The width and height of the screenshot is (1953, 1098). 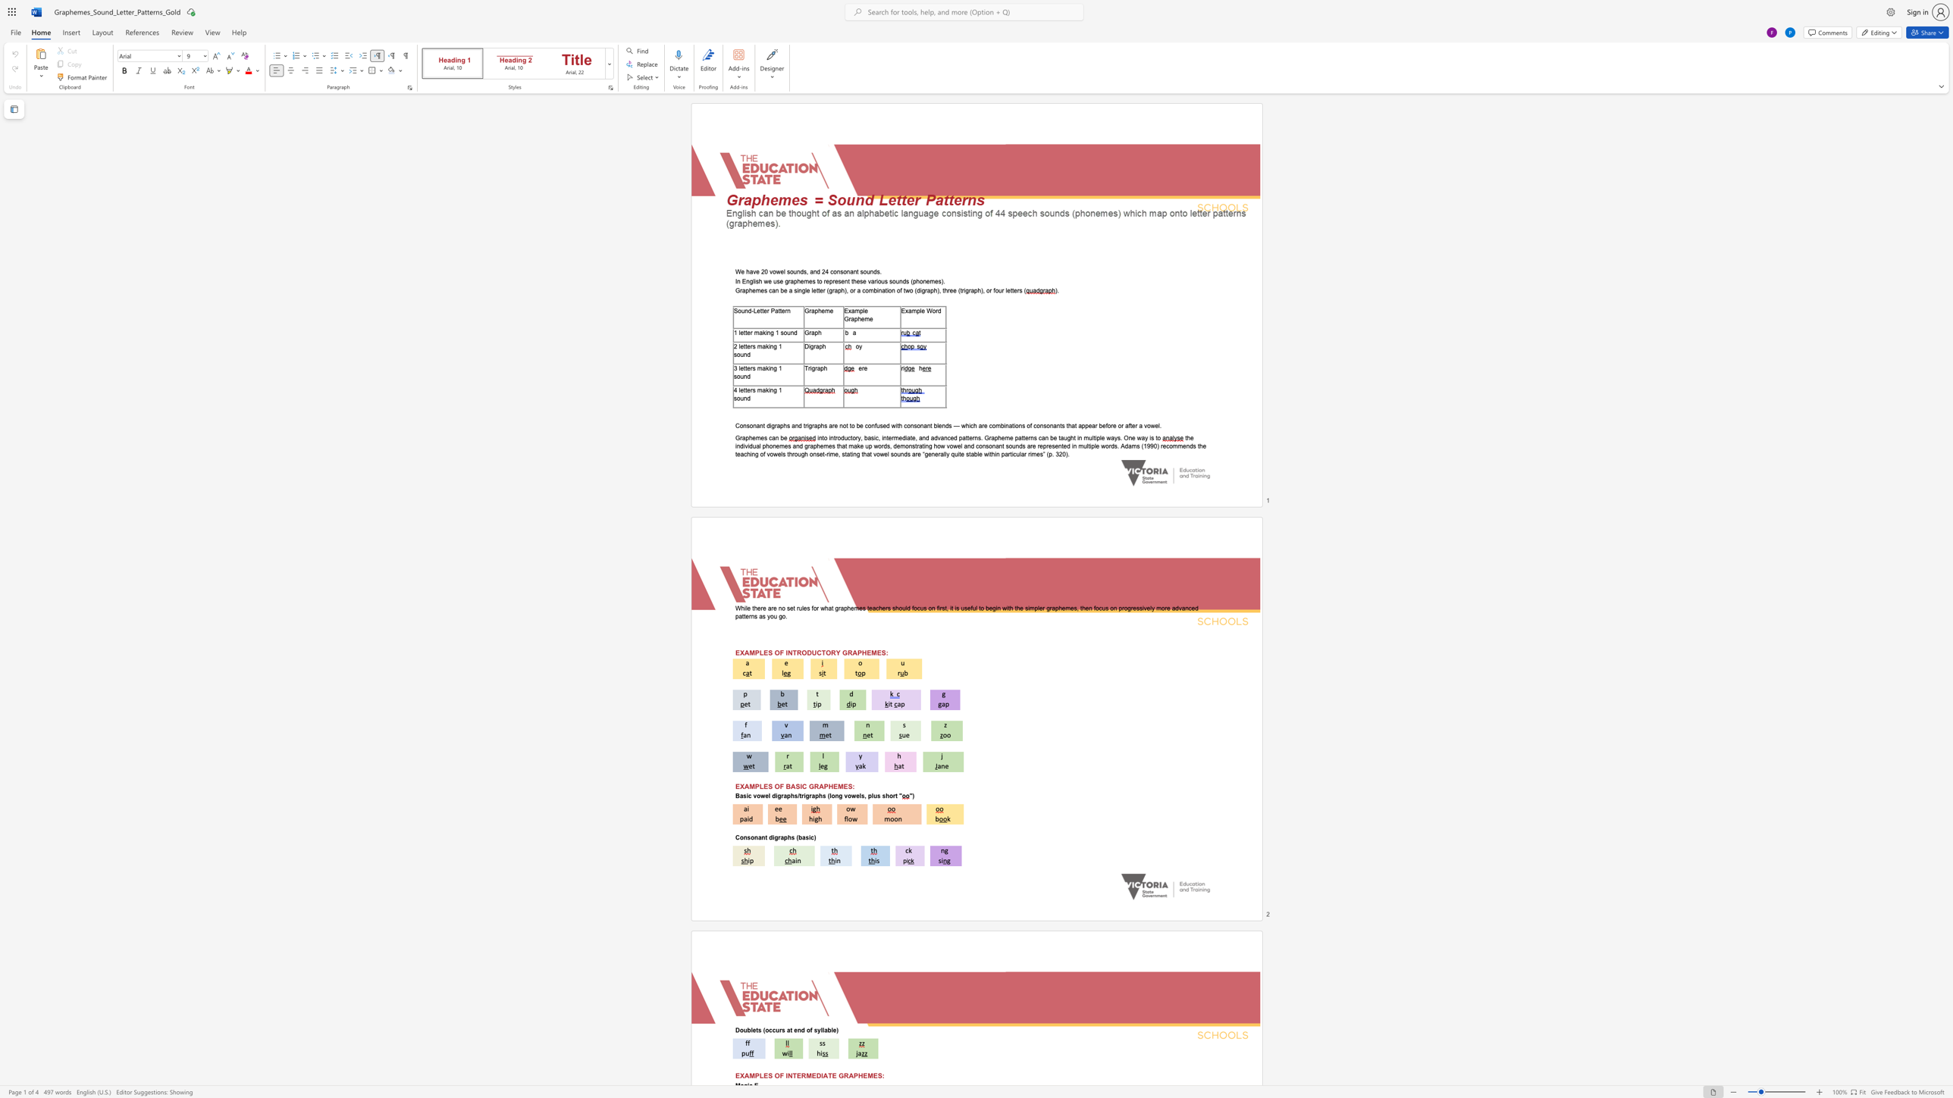 What do you see at coordinates (1141, 438) in the screenshot?
I see `the subset text "ay is t" within the text "into introductory, basic, intermediate, and advanced patterns. Grapheme patterns can be taught in multiple ways. One way is to"` at bounding box center [1141, 438].